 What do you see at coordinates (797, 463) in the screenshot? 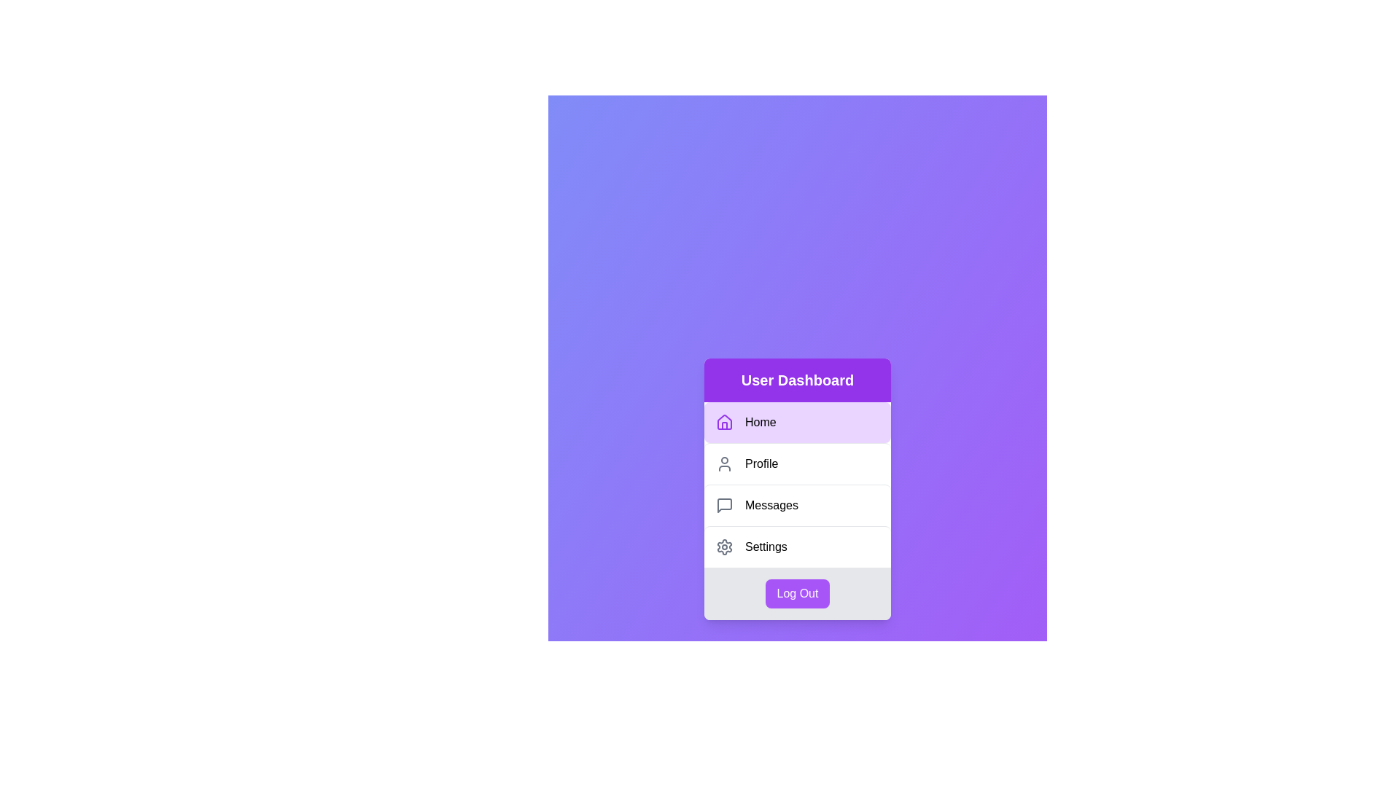
I see `the menu item Profile` at bounding box center [797, 463].